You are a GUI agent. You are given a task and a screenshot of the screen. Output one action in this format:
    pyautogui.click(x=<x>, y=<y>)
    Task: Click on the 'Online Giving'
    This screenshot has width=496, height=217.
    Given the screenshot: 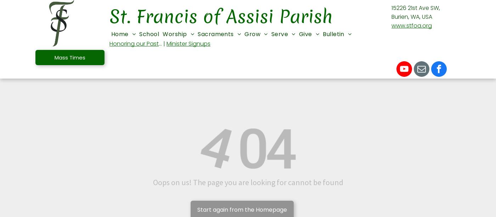 What is the action you would take?
    pyautogui.click(x=321, y=103)
    